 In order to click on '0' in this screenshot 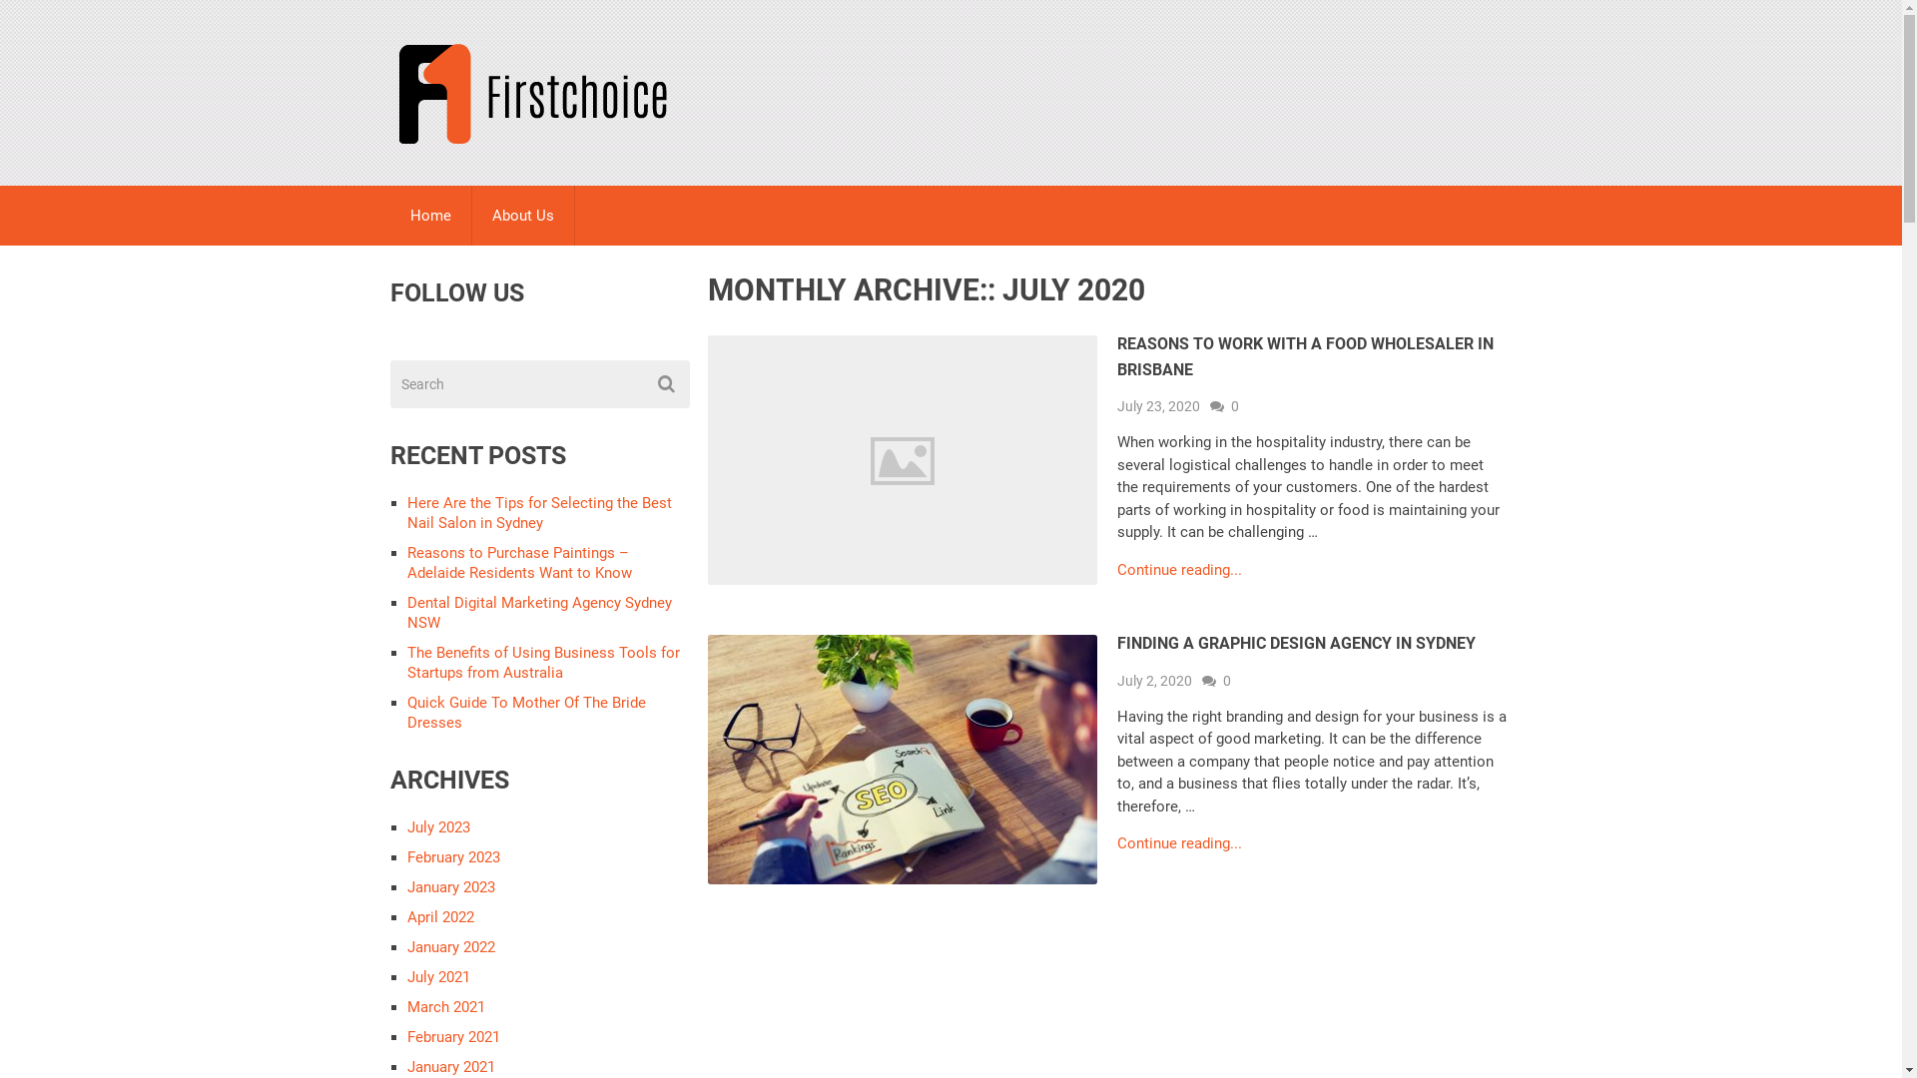, I will do `click(1225, 405)`.